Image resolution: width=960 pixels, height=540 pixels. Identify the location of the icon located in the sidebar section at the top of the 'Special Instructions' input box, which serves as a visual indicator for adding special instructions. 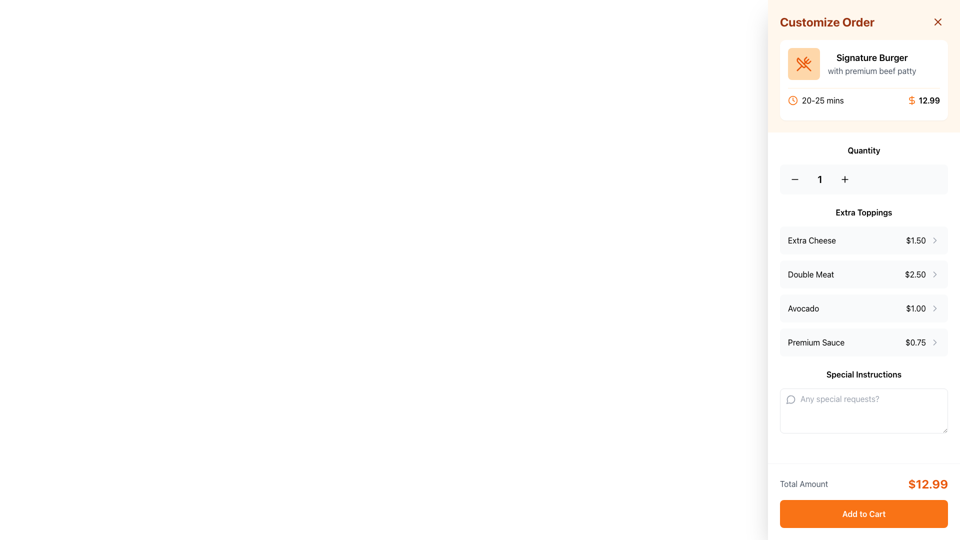
(790, 399).